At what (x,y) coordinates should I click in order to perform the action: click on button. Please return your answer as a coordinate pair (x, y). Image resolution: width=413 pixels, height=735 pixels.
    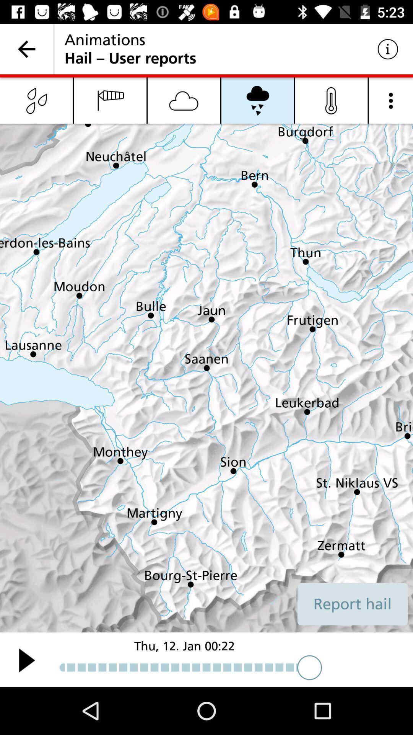
    Looking at the image, I should click on (26, 660).